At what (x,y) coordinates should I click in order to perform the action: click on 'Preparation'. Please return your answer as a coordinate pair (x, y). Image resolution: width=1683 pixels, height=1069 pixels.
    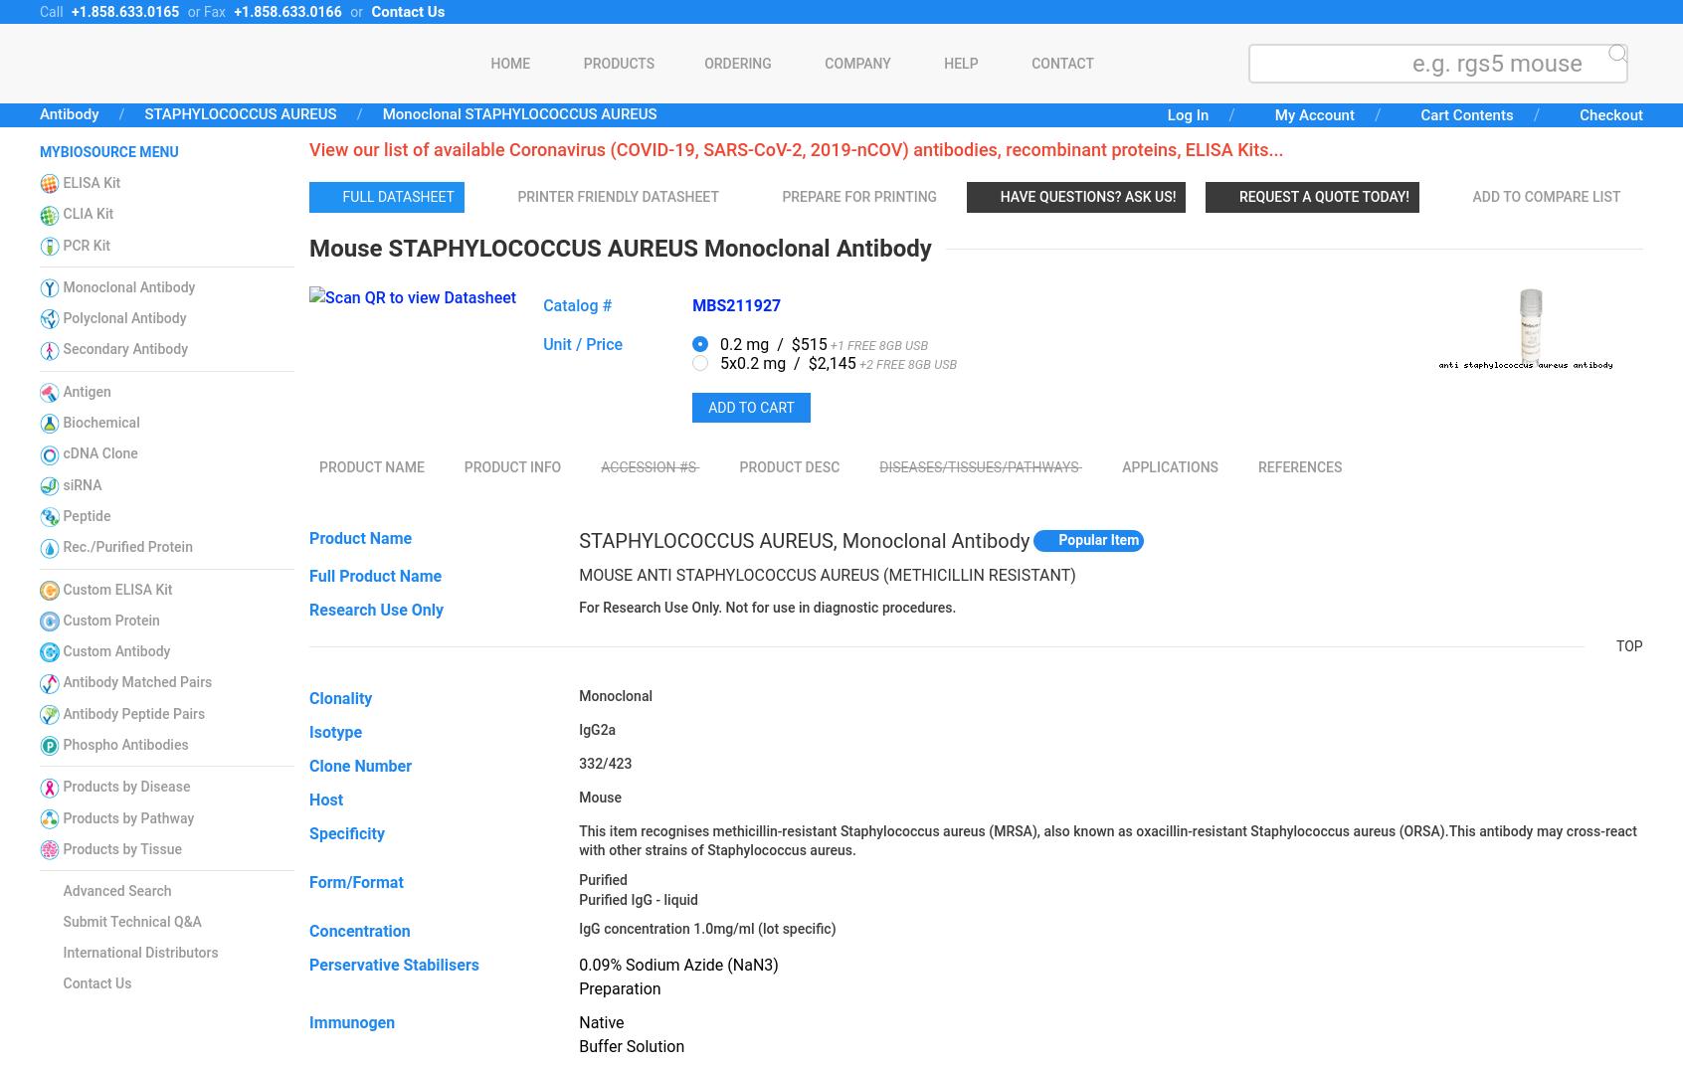
    Looking at the image, I should click on (618, 987).